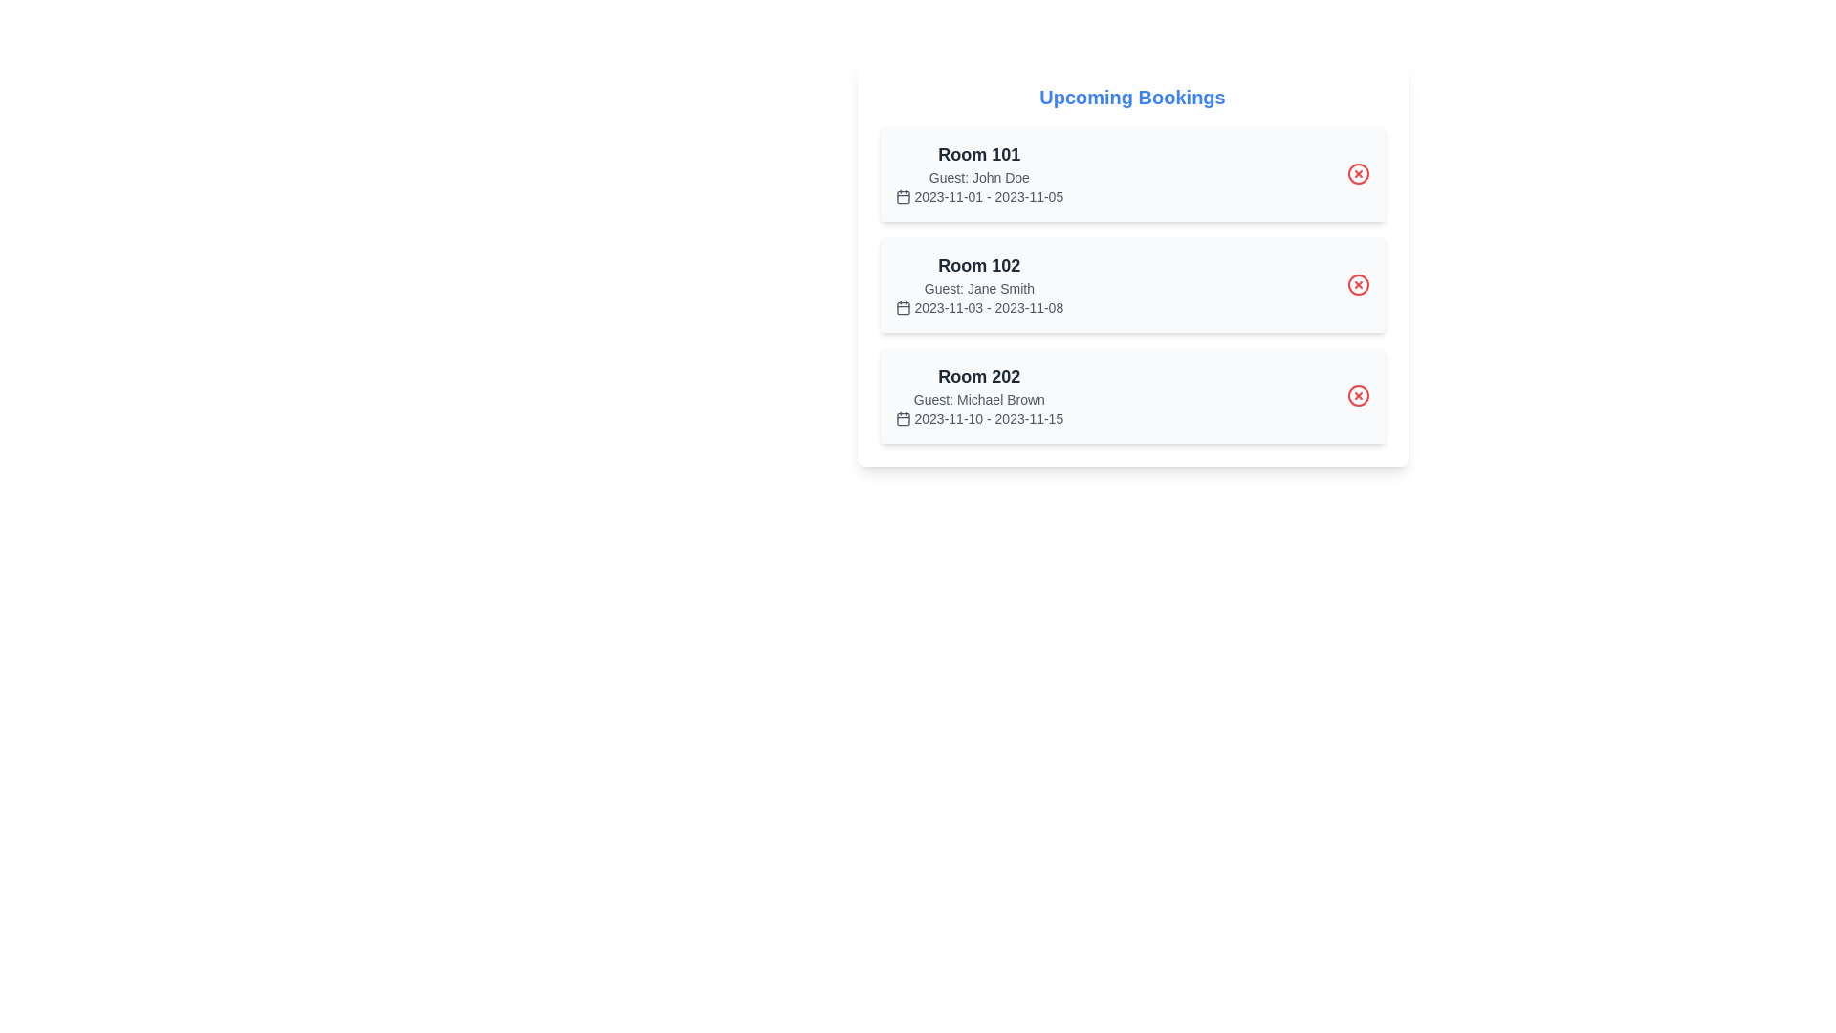 This screenshot has width=1836, height=1033. What do you see at coordinates (978, 394) in the screenshot?
I see `the text block element titled 'Room 202' which contains the guest information and date range, to associate contextual actions` at bounding box center [978, 394].